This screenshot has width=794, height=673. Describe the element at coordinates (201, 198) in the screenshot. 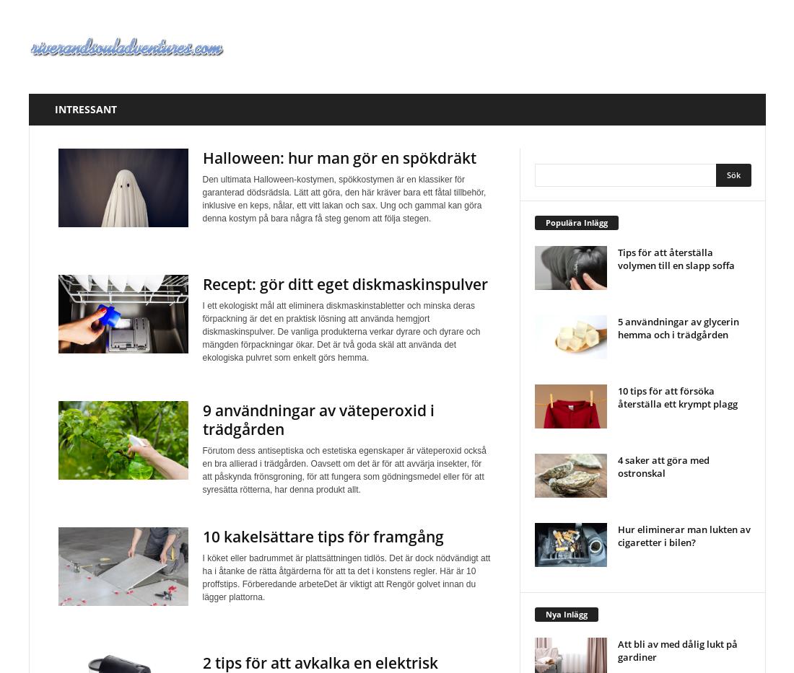

I see `'Den ultimata Halloween-kostymen, spökkostymen är en klassiker för garanterad dödsrädsla. Lätt att göra, den här kräver bara ett fåtal tillbehör, inklusive en keps, nålar, ett vitt lakan och sax. Ung och gammal kan göra denna kostym på bara några få steg genom att följa stegen.'` at that location.